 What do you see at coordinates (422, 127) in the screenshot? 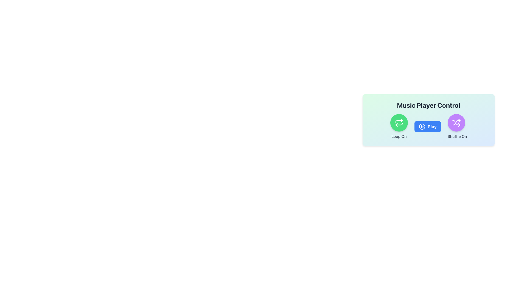
I see `the play icon located inside the blue 'Play' button in the Music Player Control section` at bounding box center [422, 127].